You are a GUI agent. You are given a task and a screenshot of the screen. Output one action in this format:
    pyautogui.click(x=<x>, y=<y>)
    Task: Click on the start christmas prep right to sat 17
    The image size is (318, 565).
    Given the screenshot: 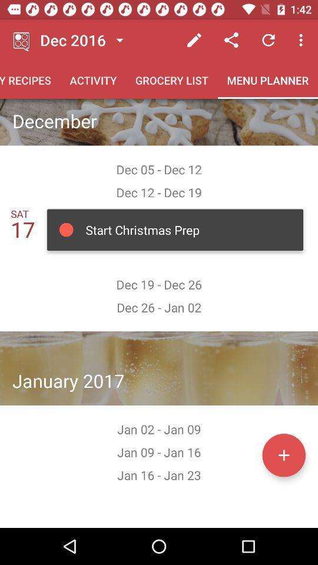 What is the action you would take?
    pyautogui.click(x=174, y=230)
    